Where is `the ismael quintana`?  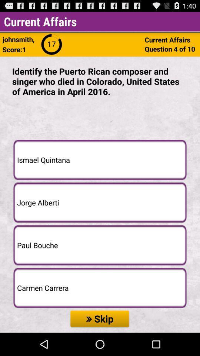 the ismael quintana is located at coordinates (100, 160).